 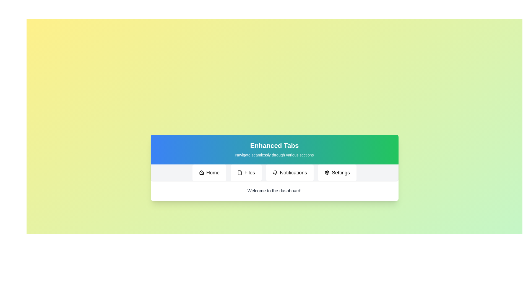 I want to click on the 'Settings' tab navigation item, which features a gear icon and is the fourth tab in the navigation bar, so click(x=337, y=172).